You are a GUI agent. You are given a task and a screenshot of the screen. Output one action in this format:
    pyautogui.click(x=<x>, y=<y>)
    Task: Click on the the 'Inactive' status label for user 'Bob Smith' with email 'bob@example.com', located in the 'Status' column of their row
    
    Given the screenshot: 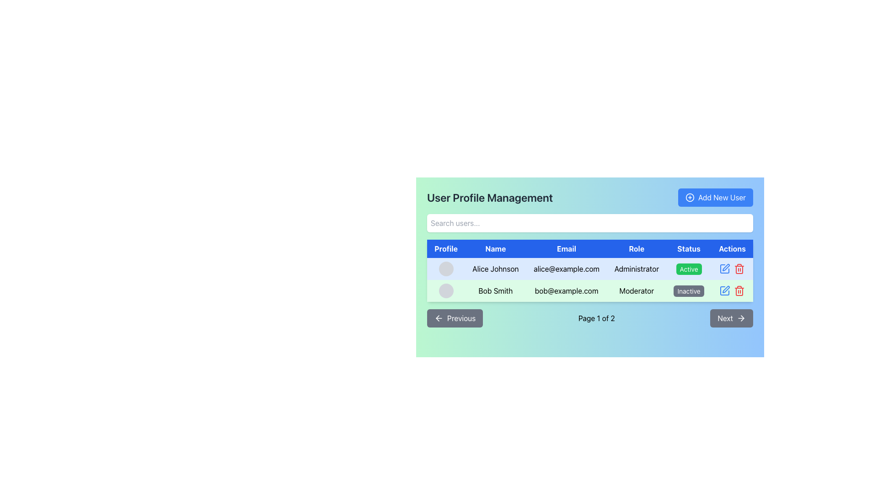 What is the action you would take?
    pyautogui.click(x=689, y=291)
    